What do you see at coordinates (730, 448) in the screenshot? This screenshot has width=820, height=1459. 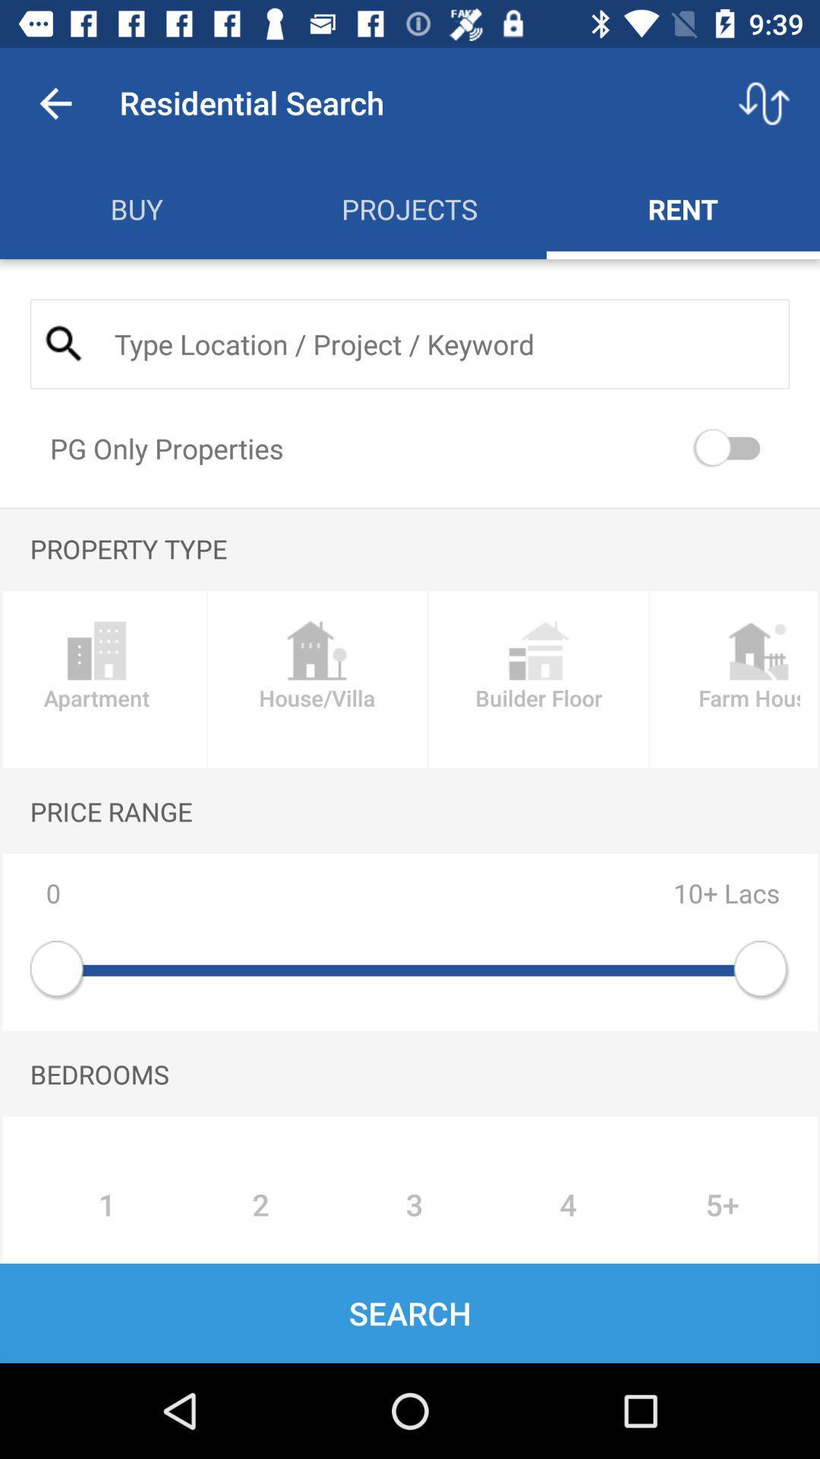 I see `turn on pg only properties` at bounding box center [730, 448].